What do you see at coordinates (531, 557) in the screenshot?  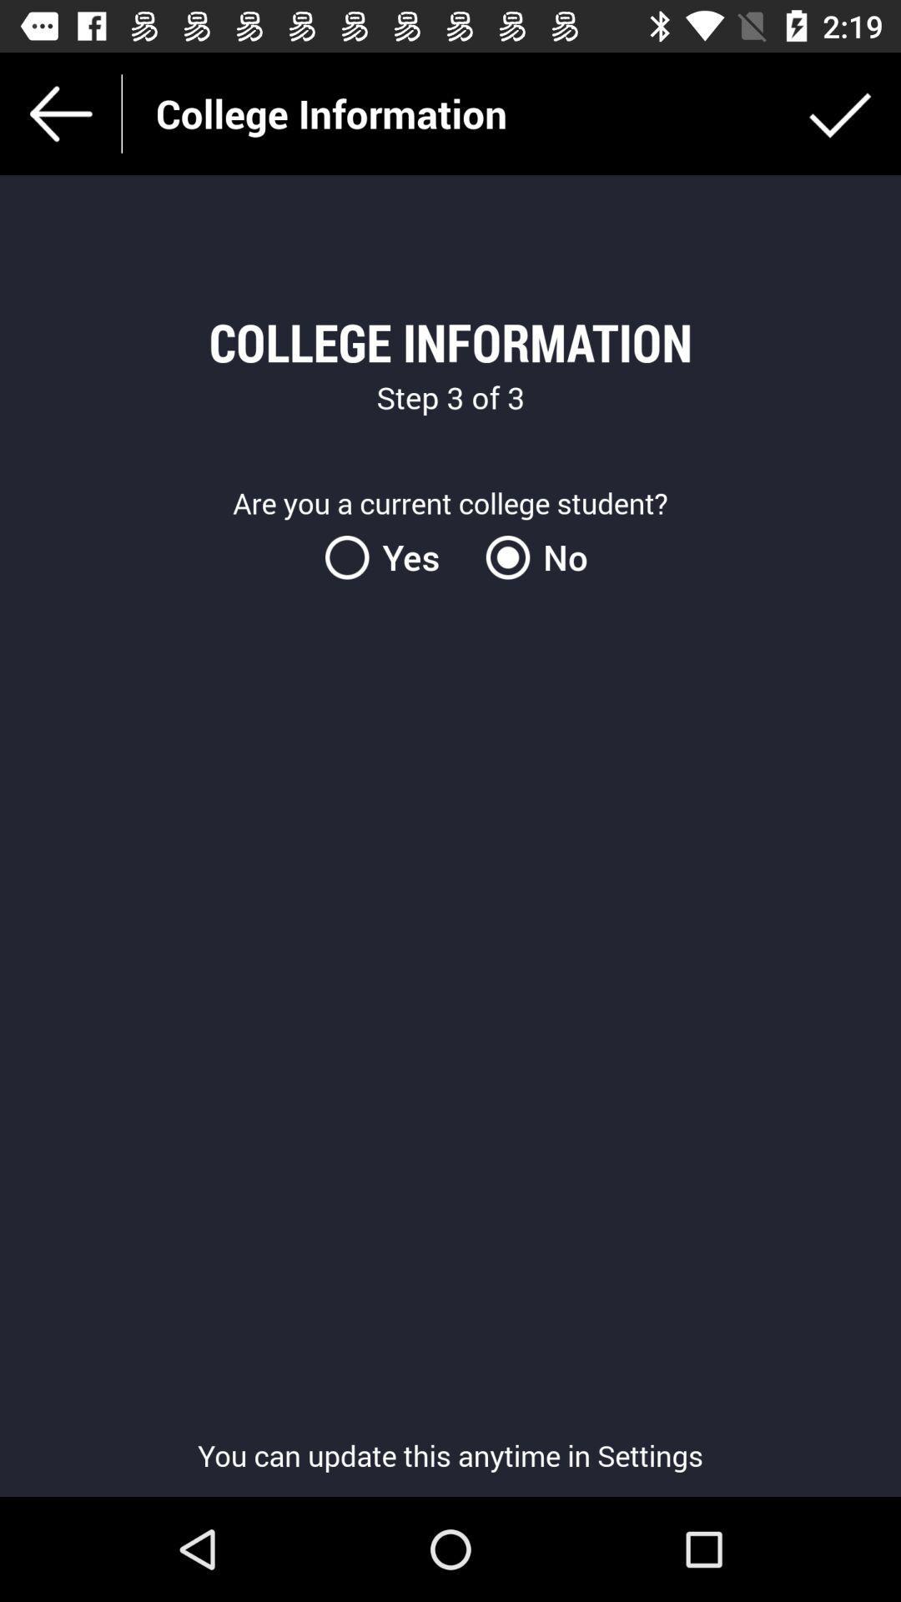 I see `item to the right of yes item` at bounding box center [531, 557].